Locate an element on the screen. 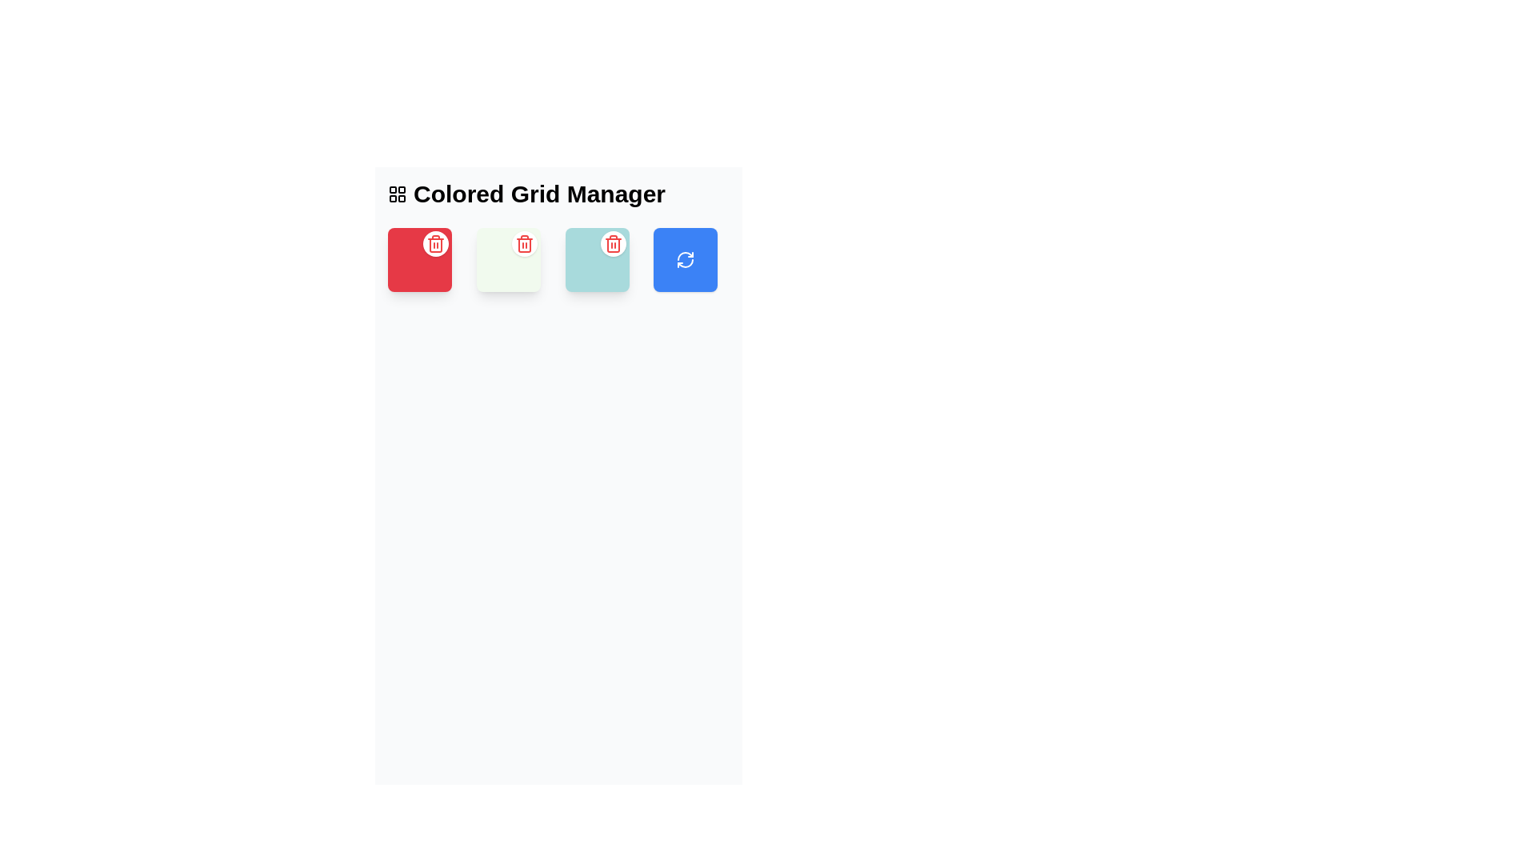  the round red trash can button located in the top-right corner of the cyan-colored card is located at coordinates (612, 243).